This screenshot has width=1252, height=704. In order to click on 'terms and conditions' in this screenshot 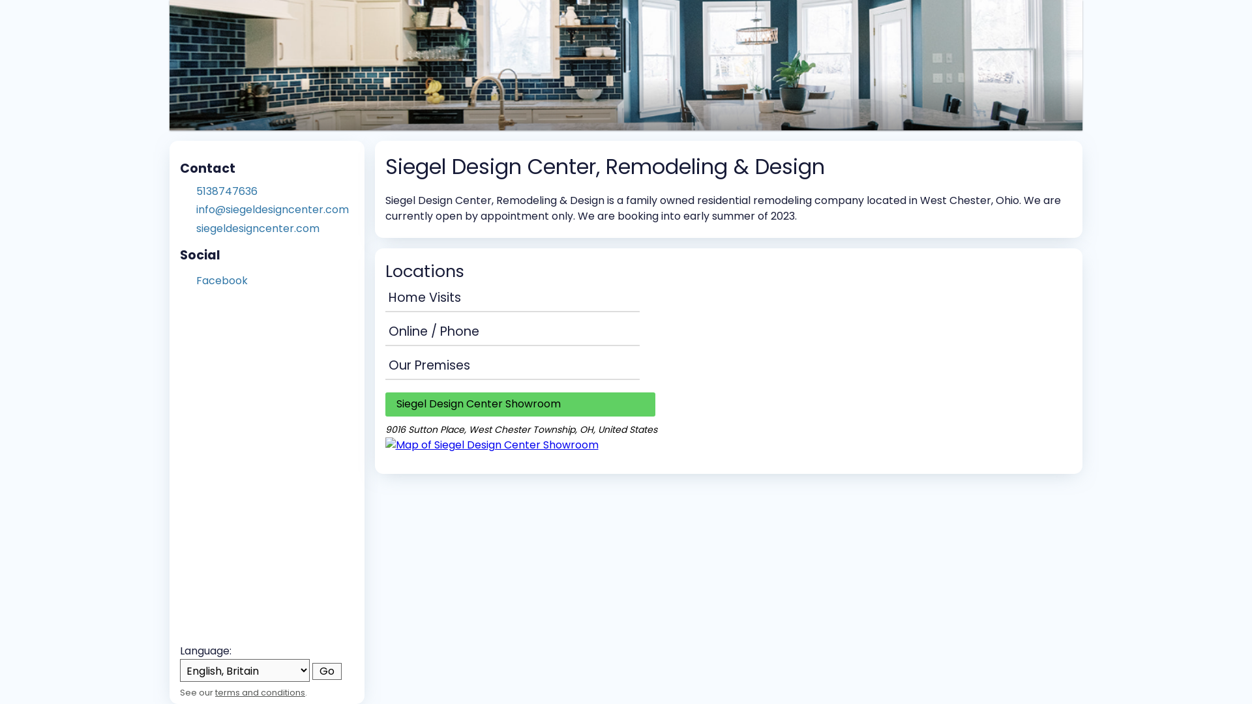, I will do `click(215, 692)`.